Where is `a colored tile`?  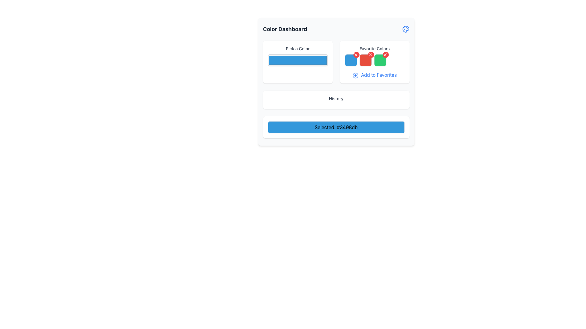 a colored tile is located at coordinates (374, 60).